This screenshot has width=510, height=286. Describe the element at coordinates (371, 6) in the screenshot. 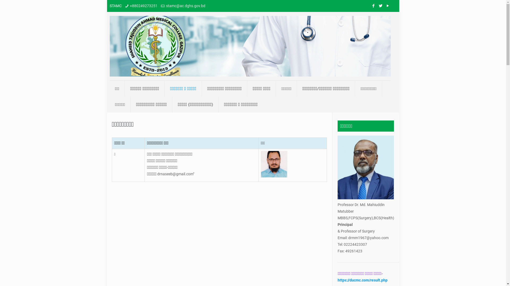

I see `'Facebook'` at that location.